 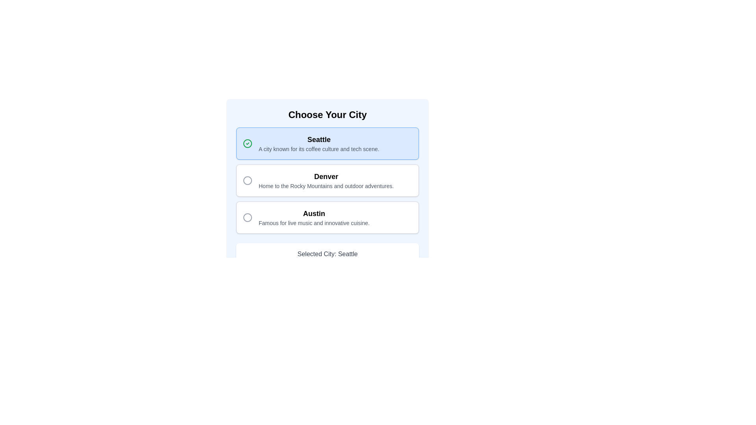 I want to click on the surrounding radio button for the city option 'Austin', which is displayed in a bold font above a descriptive text about the city, so click(x=313, y=217).